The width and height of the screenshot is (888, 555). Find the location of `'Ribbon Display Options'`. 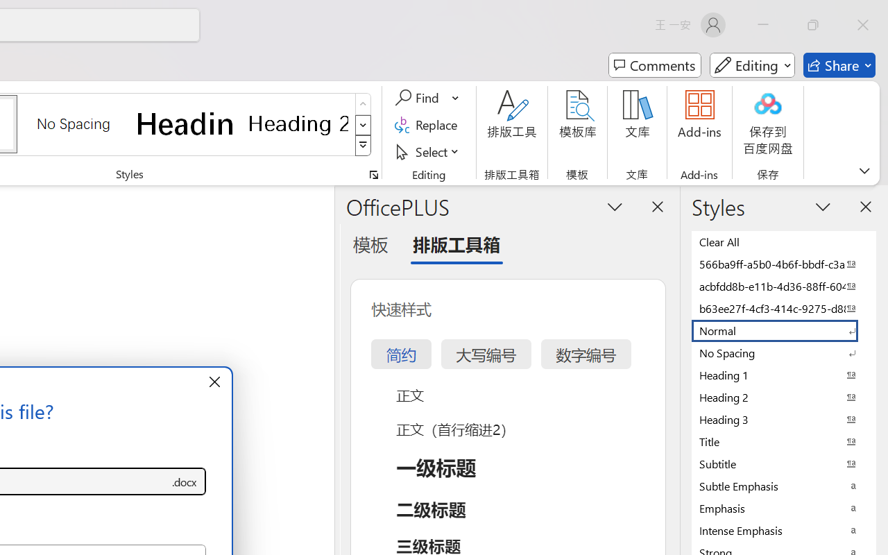

'Ribbon Display Options' is located at coordinates (864, 170).